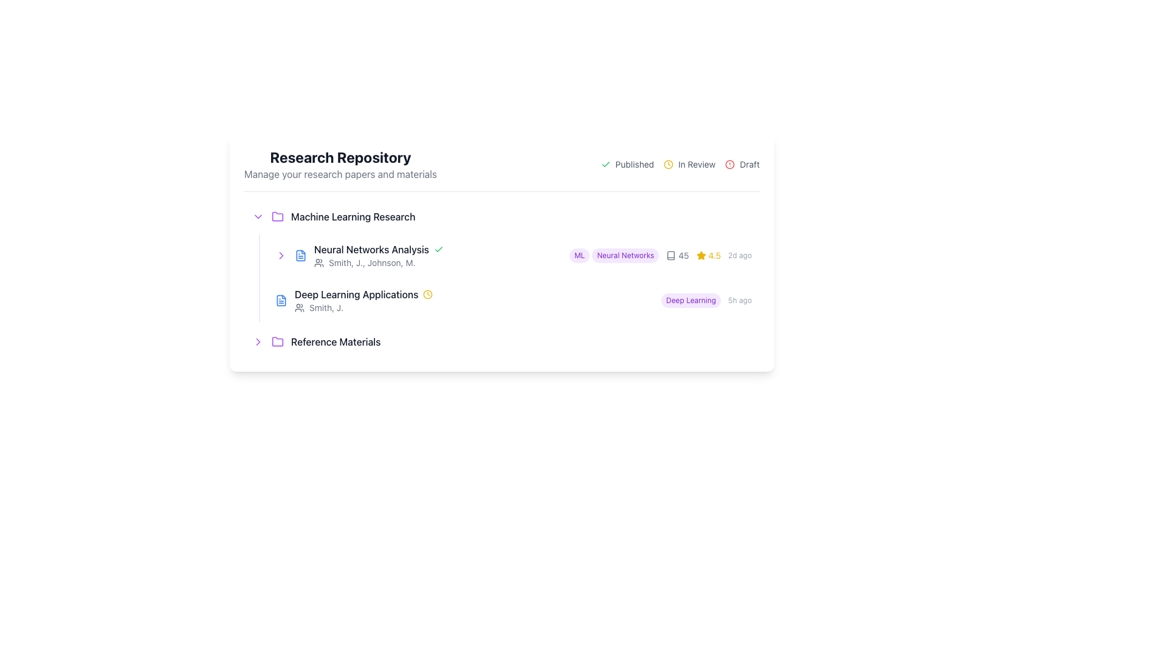  I want to click on the static textual content that serves as a descriptive subtitle directly below the bold title 'Research Repository', so click(340, 174).